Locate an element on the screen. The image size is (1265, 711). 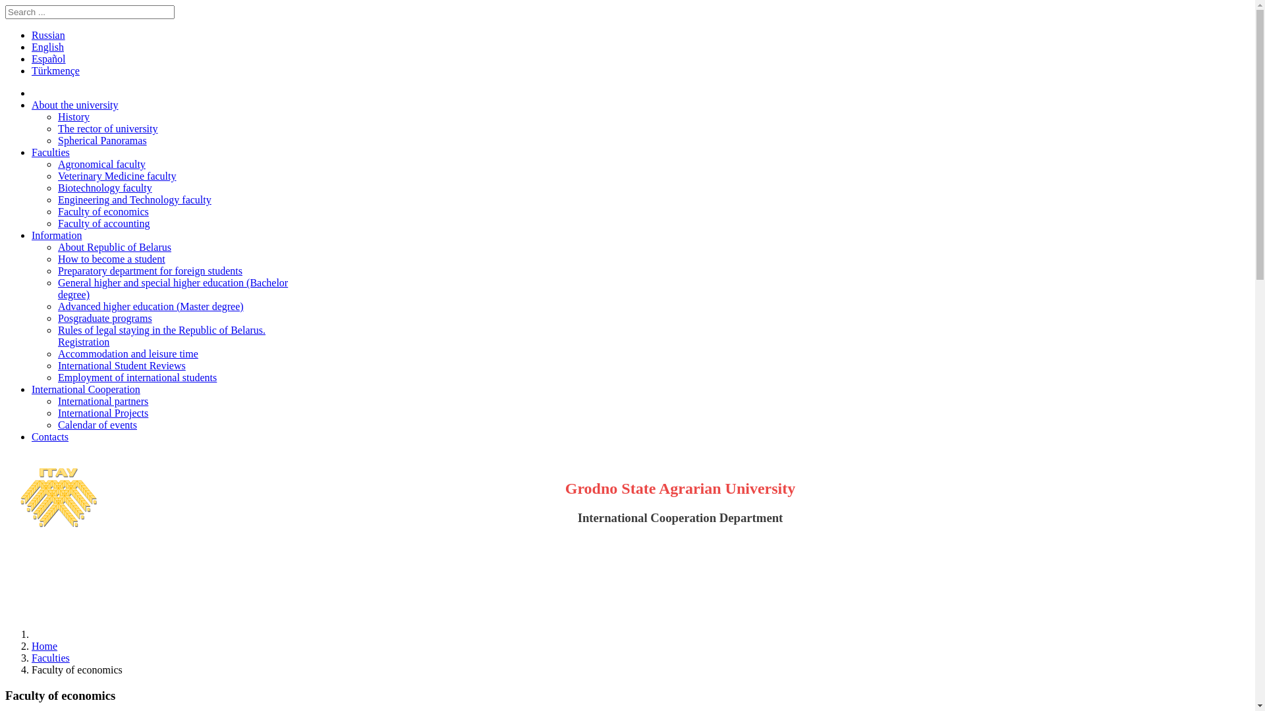
'The rector of university' is located at coordinates (107, 128).